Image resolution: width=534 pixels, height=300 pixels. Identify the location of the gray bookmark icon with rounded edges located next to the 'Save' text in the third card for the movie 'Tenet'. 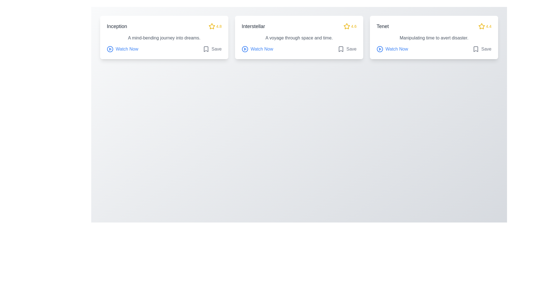
(475, 49).